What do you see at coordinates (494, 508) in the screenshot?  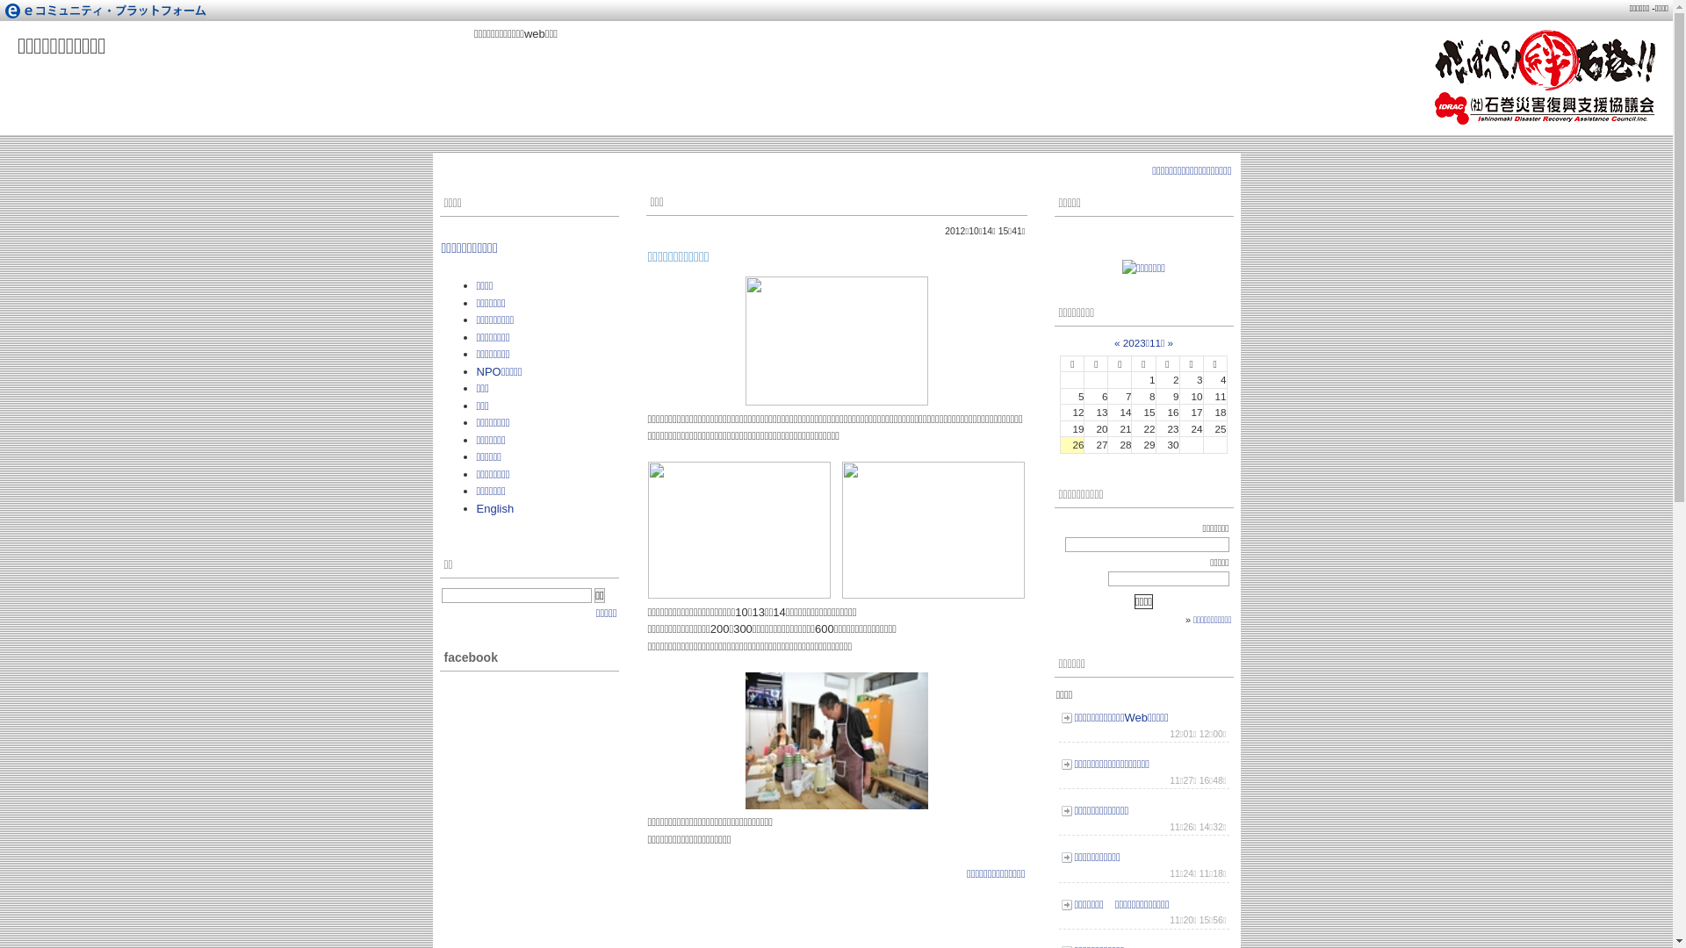 I see `'English'` at bounding box center [494, 508].